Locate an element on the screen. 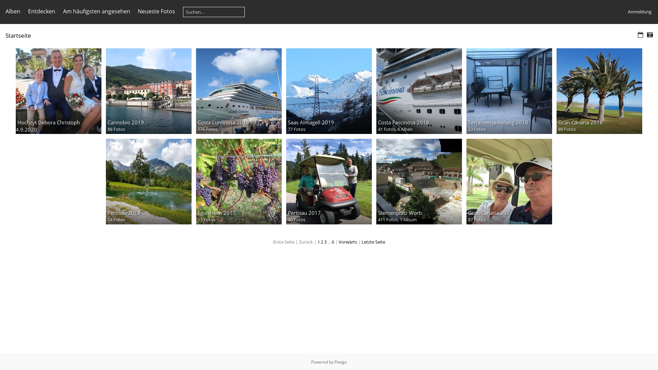 Image resolution: width=658 pixels, height=370 pixels. 'Hochzyt Debora Christoph 4.9.2020 is located at coordinates (59, 91).